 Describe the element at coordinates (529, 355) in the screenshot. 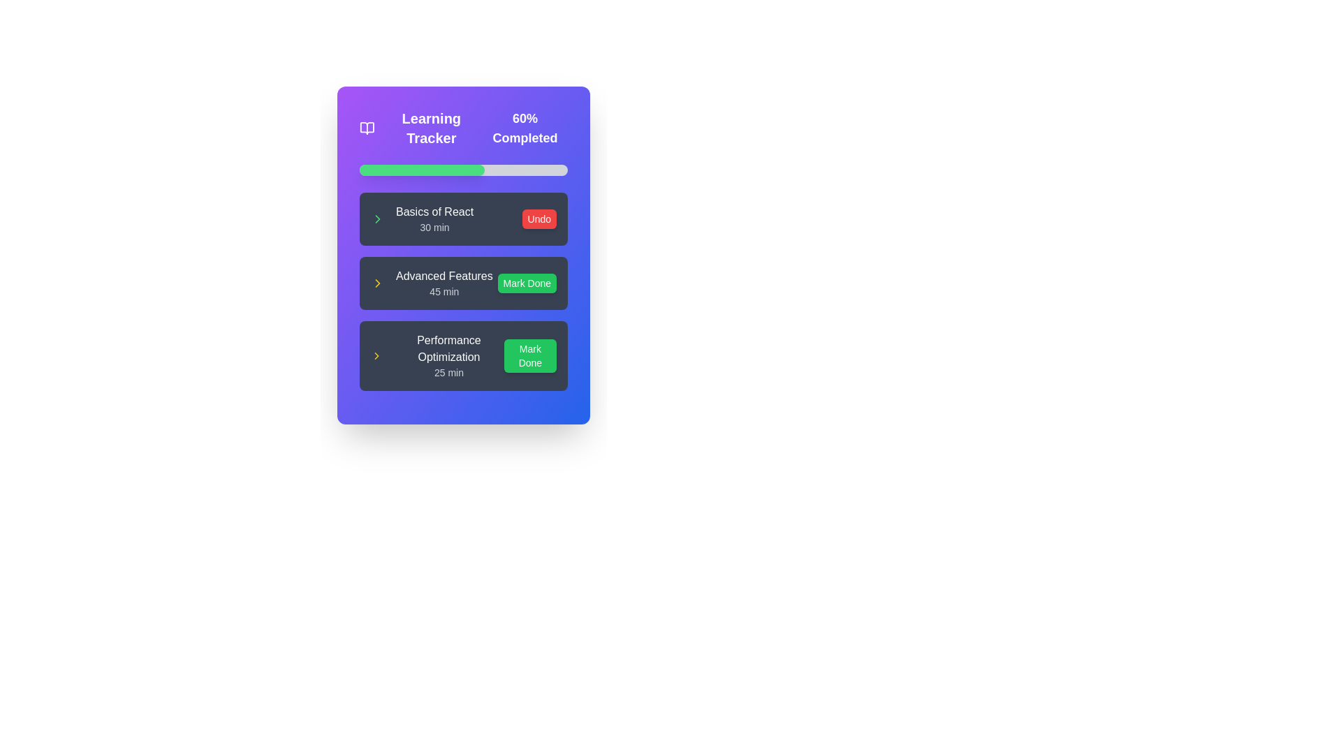

I see `the green 'Mark Done' button with rounded corners located on the right side of the third row in the learning tracker interface` at that location.